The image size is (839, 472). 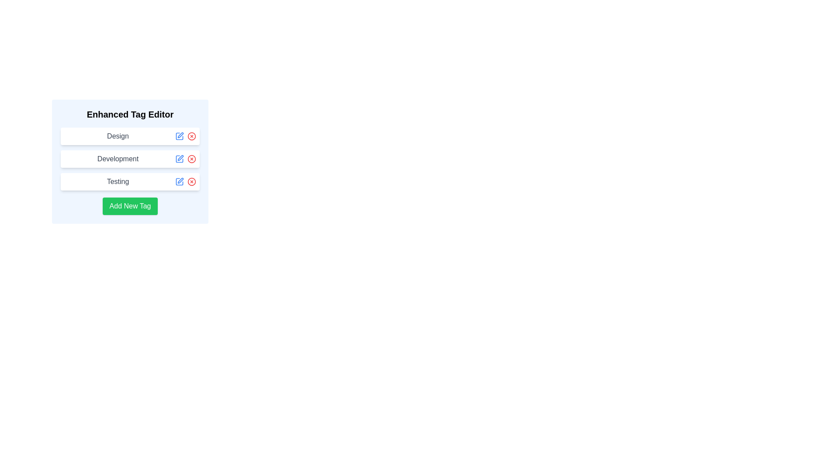 What do you see at coordinates (129, 162) in the screenshot?
I see `the 'Development' tag displayed as a static text label, which is the second item in a vertically-stacked list under the heading 'Enhanced Tag Editor'` at bounding box center [129, 162].